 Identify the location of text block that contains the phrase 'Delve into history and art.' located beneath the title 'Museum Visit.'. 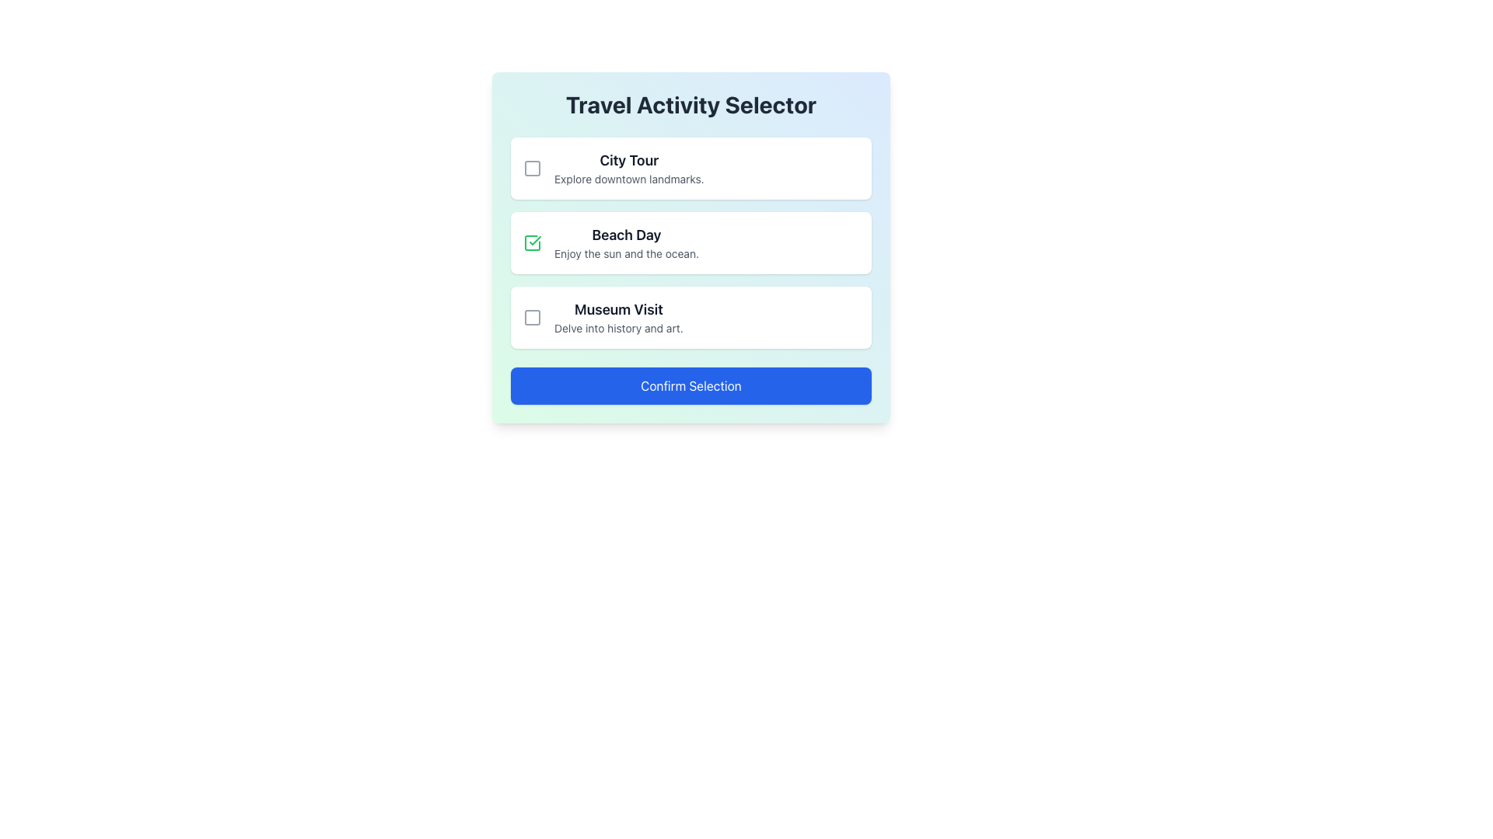
(617, 328).